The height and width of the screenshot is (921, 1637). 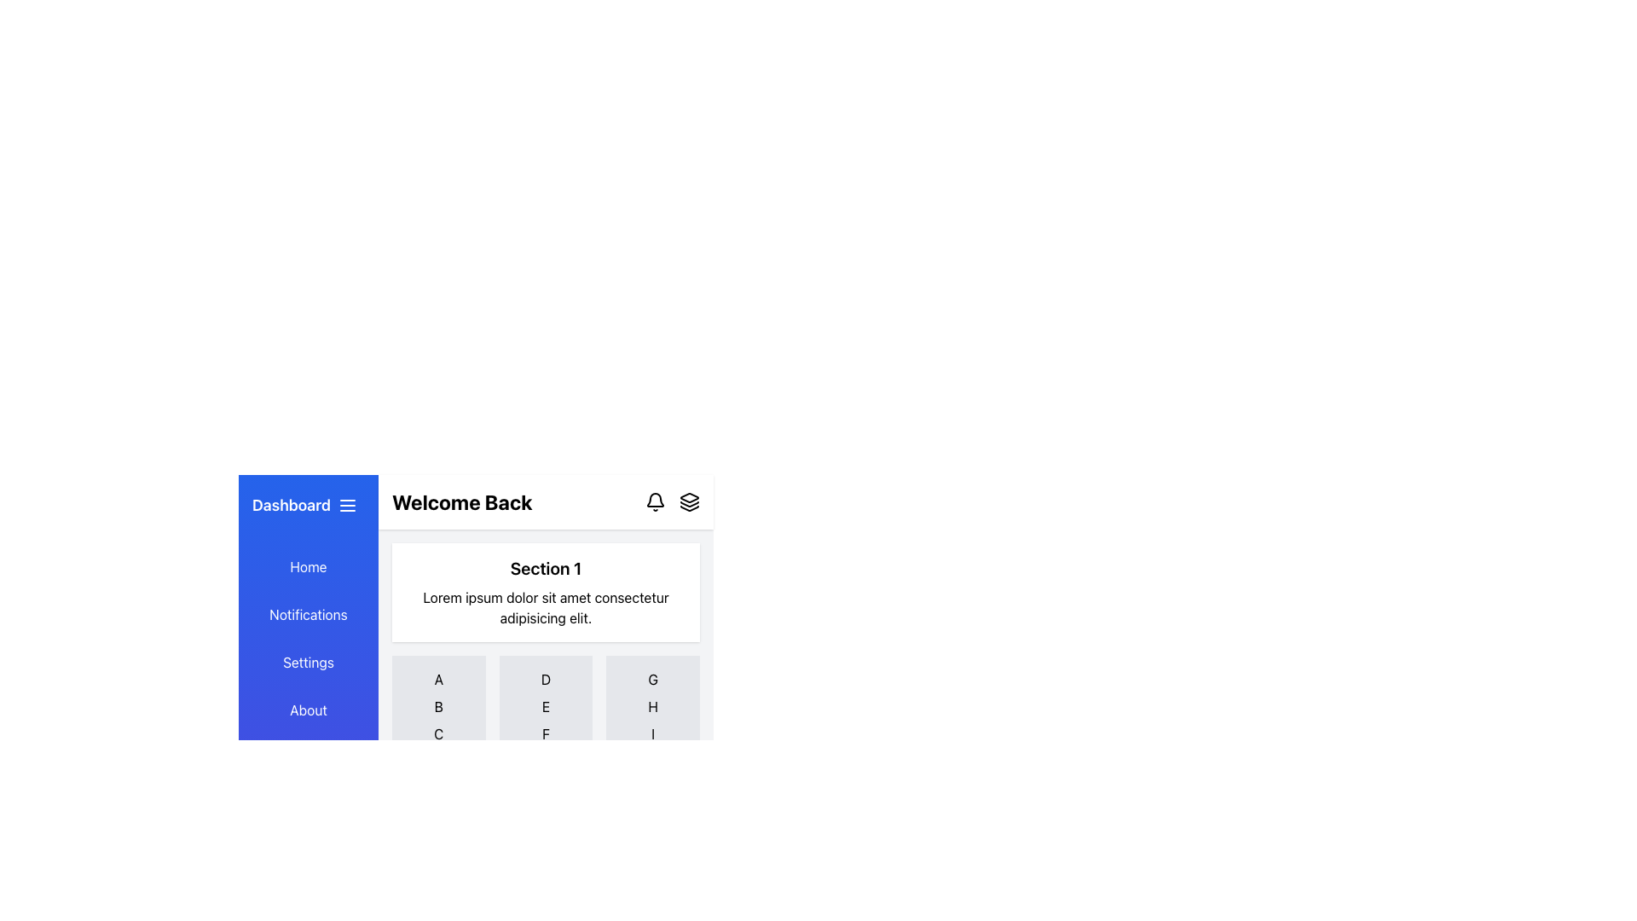 What do you see at coordinates (546, 710) in the screenshot?
I see `the static text block containing the letters 'D', 'E', and 'F', which is the second vertical stack in a three-column grid layout under the 'Section 1' header` at bounding box center [546, 710].